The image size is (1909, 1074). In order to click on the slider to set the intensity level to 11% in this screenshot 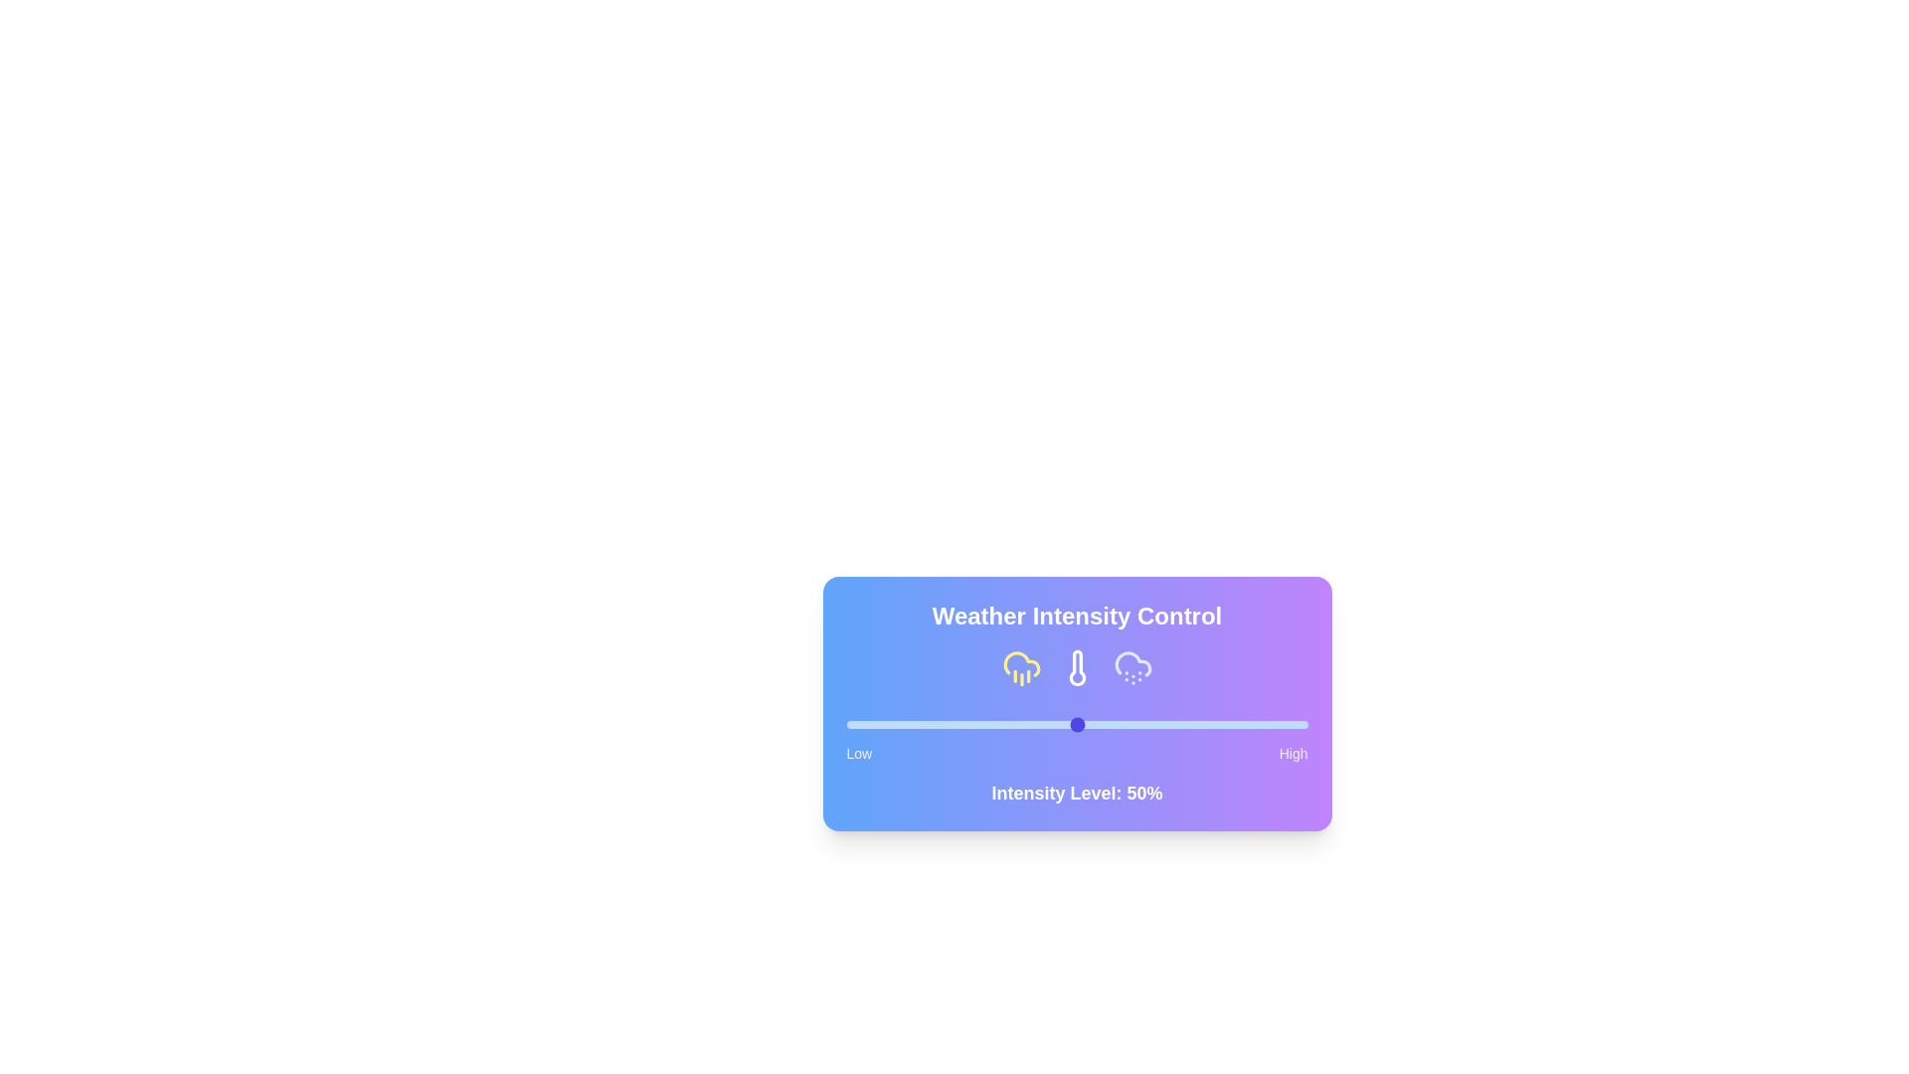, I will do `click(896, 725)`.